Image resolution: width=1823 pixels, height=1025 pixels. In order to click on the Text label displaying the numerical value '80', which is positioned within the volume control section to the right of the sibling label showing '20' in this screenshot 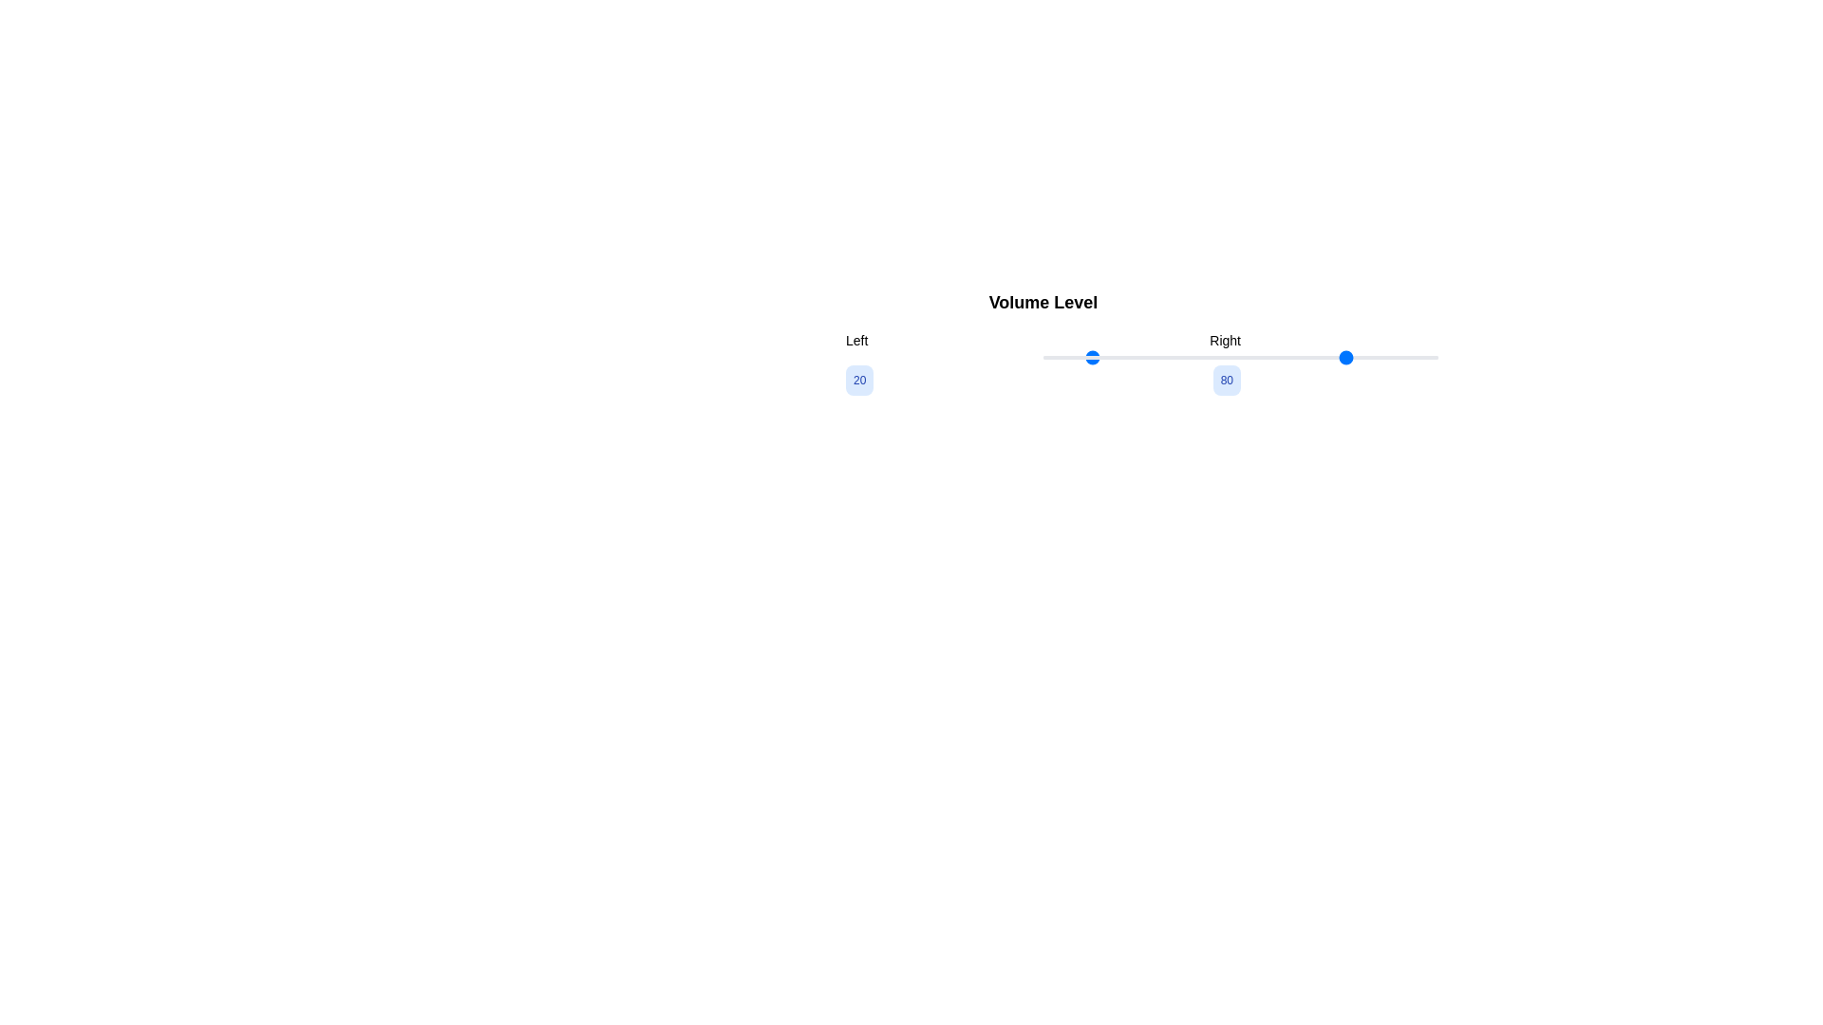, I will do `click(1227, 381)`.